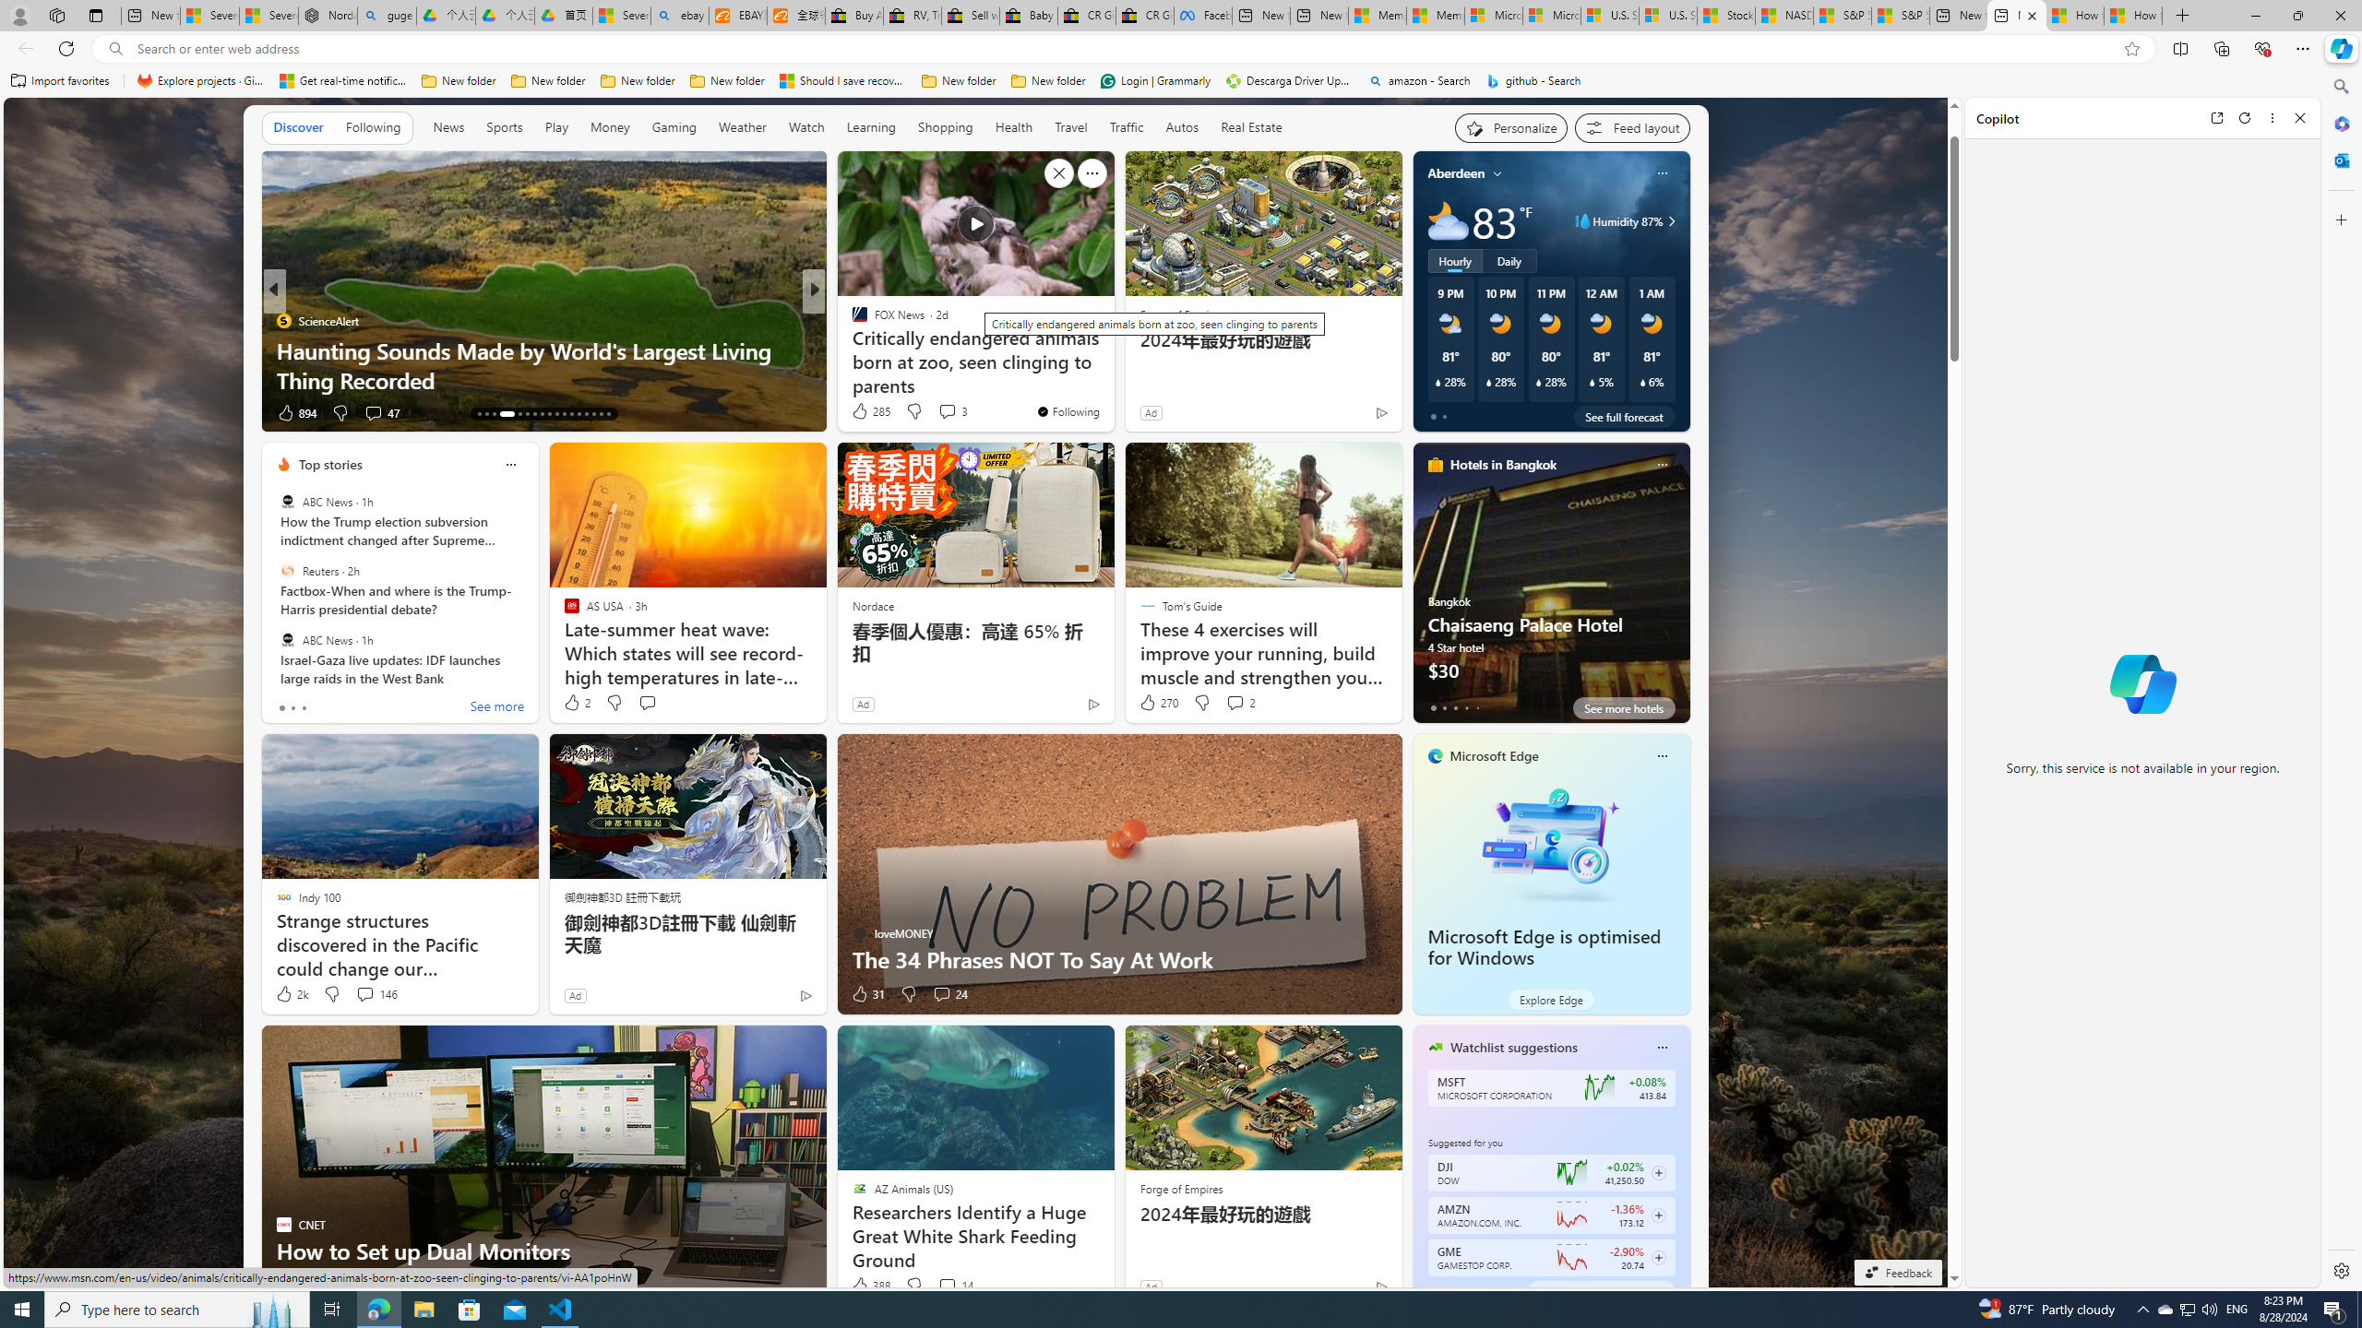 This screenshot has height=1328, width=2362. What do you see at coordinates (1642, 381) in the screenshot?
I see `'Class: weather-current-precipitation-glyph'` at bounding box center [1642, 381].